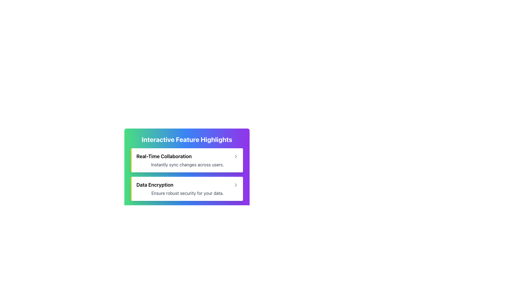 The height and width of the screenshot is (296, 526). What do you see at coordinates (187, 193) in the screenshot?
I see `the non-interactive Text Label providing information about 'Data Encryption' located below the main title in the second card of the 'Interactive Feature Highlights' section` at bounding box center [187, 193].